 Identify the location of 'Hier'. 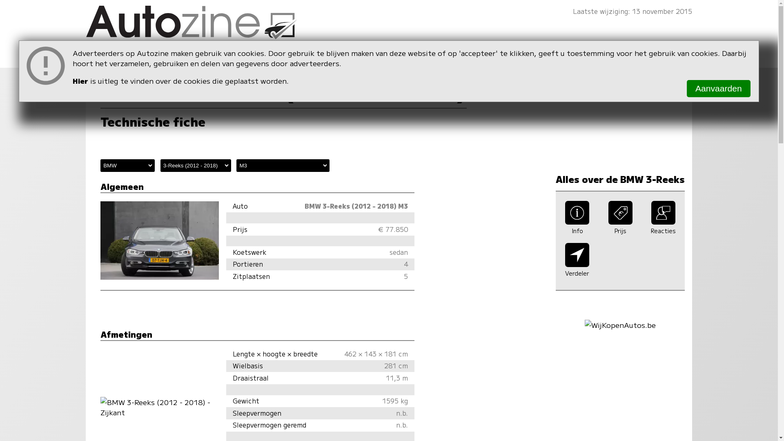
(80, 80).